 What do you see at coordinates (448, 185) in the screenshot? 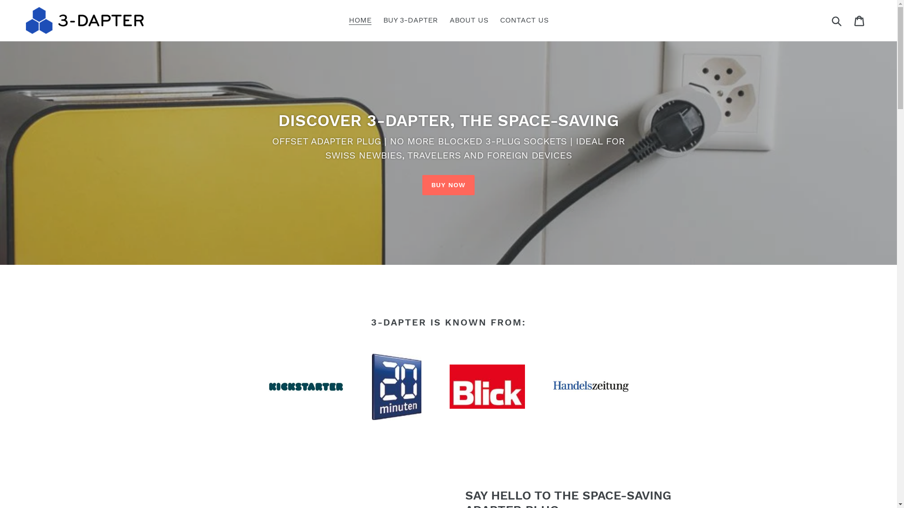
I see `'BUY NOW'` at bounding box center [448, 185].